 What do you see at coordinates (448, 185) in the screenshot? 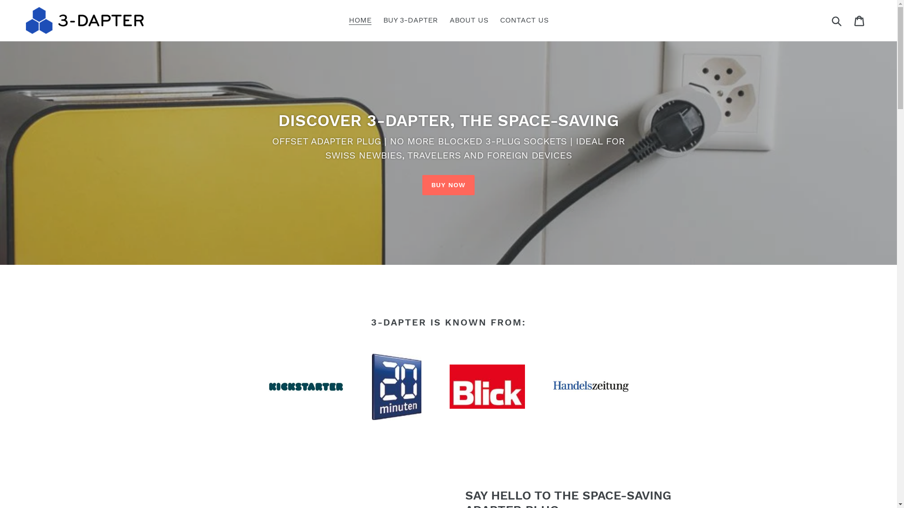
I see `'BUY NOW'` at bounding box center [448, 185].